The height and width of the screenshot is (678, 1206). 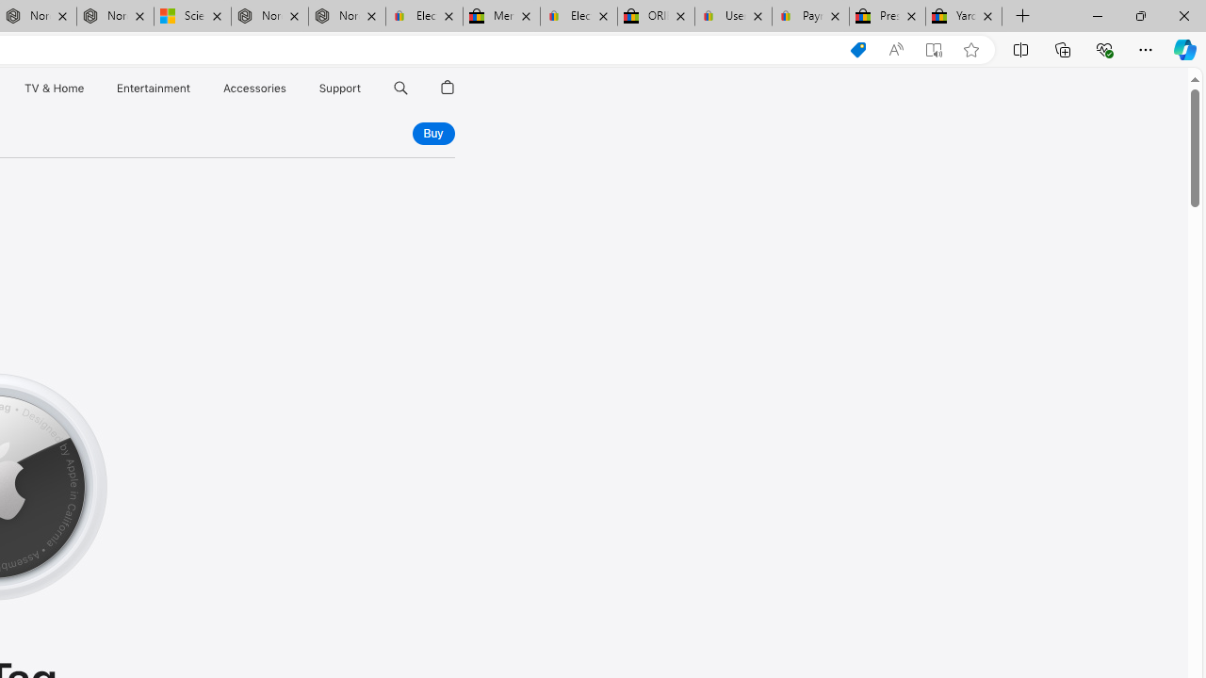 What do you see at coordinates (365, 88) in the screenshot?
I see `'Support menu'` at bounding box center [365, 88].